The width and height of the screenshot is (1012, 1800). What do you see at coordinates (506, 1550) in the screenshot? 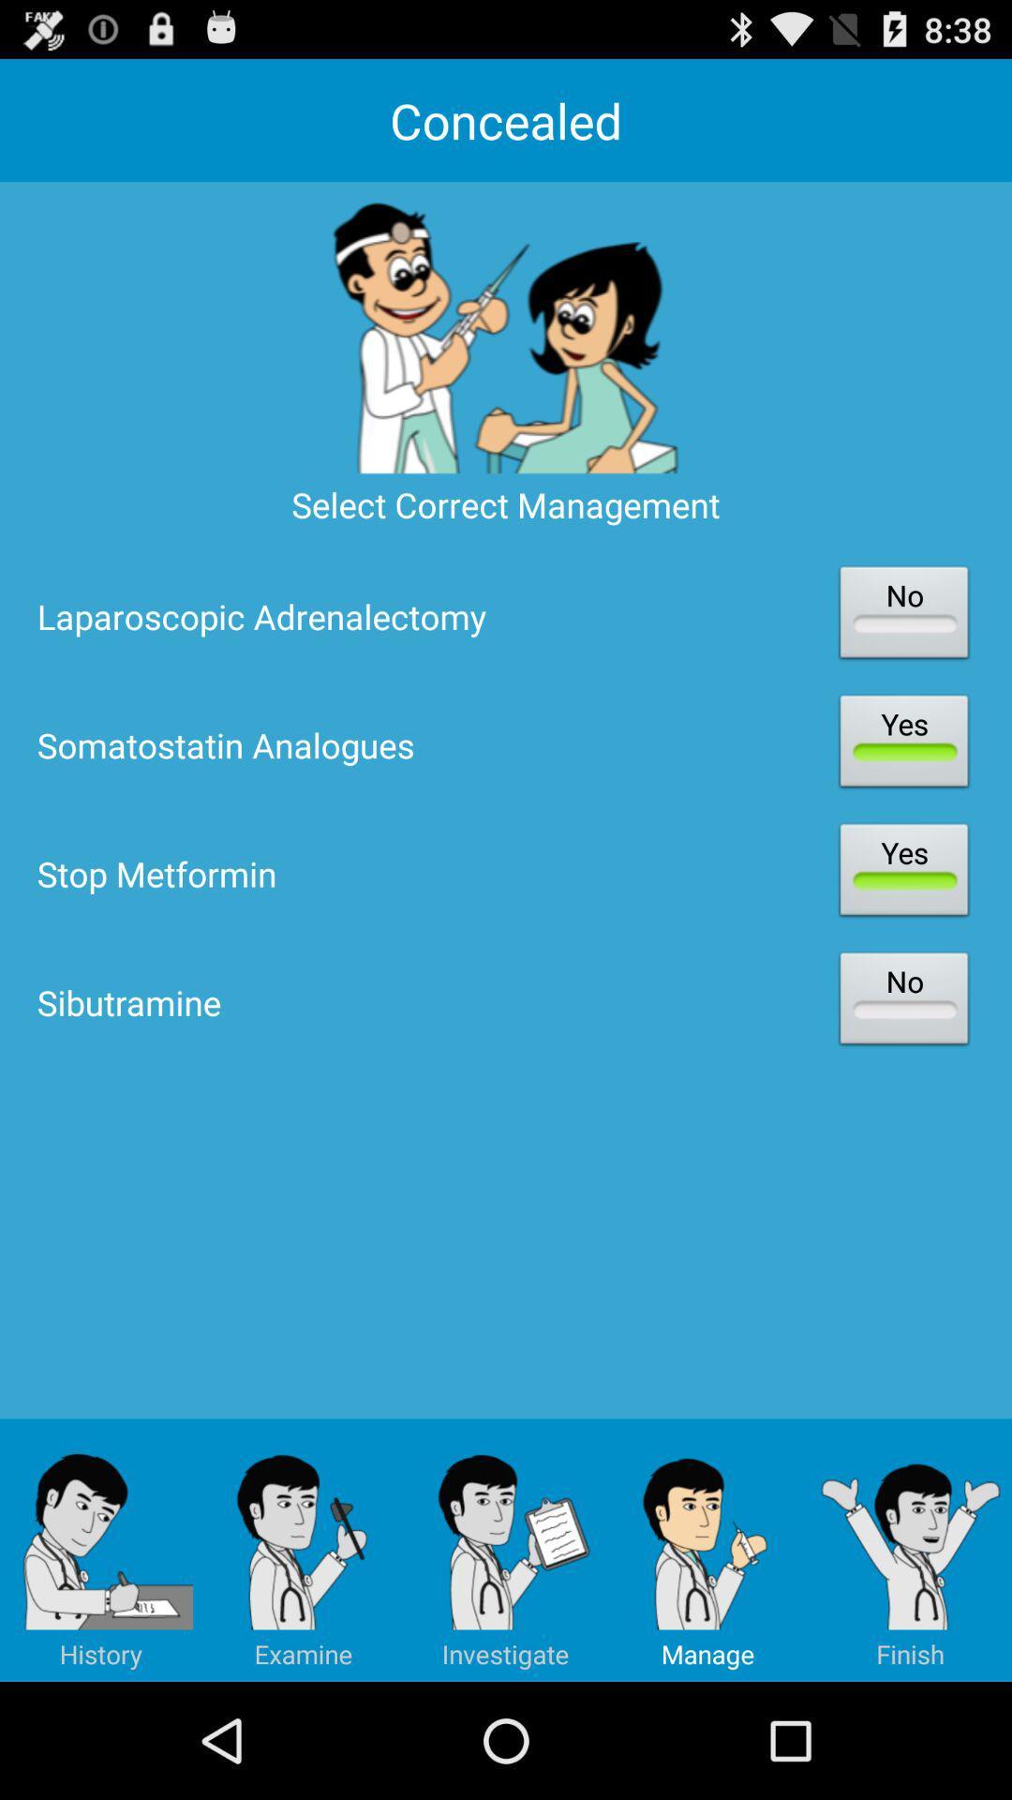
I see `icon at the bottom` at bounding box center [506, 1550].